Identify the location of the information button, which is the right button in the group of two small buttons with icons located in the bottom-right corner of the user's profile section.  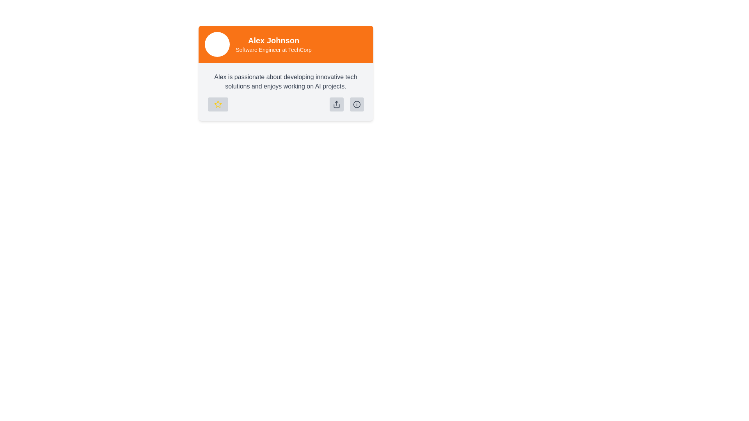
(346, 104).